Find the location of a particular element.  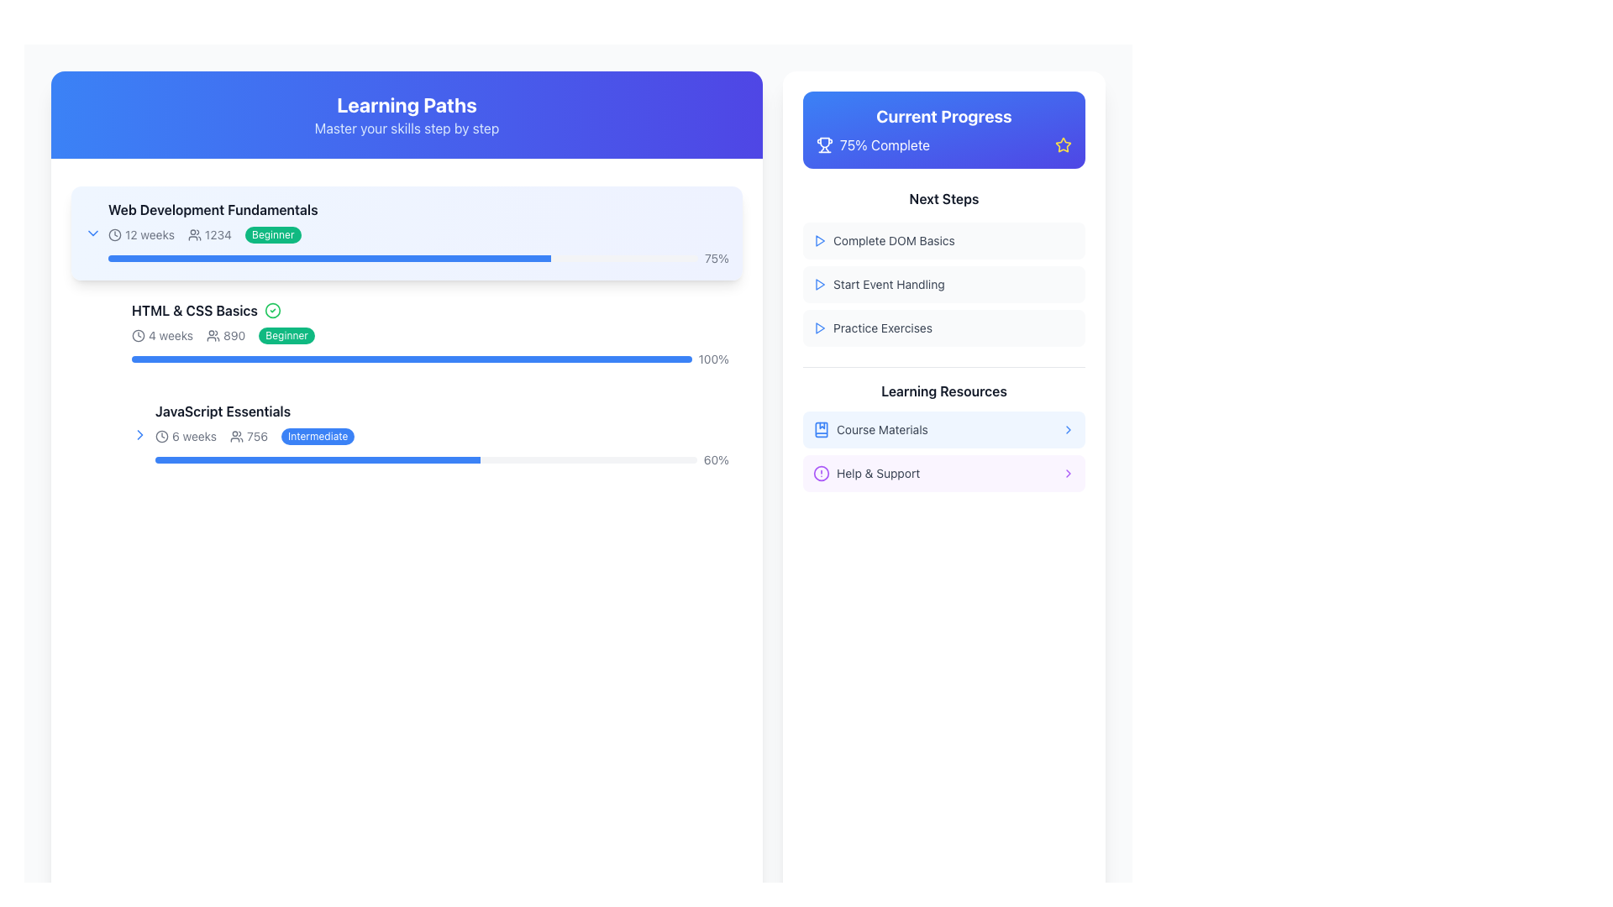

the star-shaped yellow icon located in the 'Current Progress' section at the top-right corner, aligned with the 'Current Progress' heading is located at coordinates (1063, 144).